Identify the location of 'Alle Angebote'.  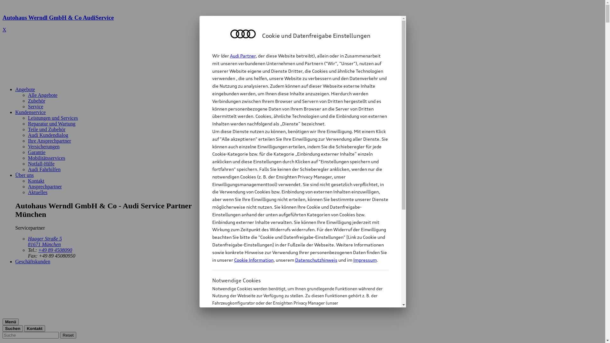
(27, 95).